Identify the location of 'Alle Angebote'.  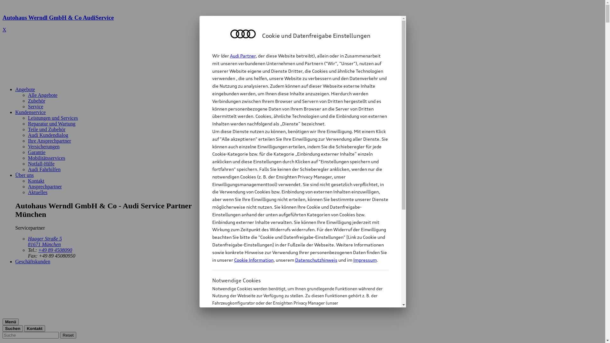
(27, 95).